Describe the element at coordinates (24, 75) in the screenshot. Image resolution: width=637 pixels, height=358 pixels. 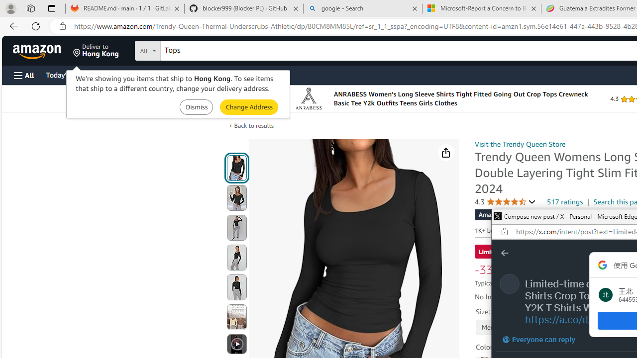
I see `'Open Menu'` at that location.